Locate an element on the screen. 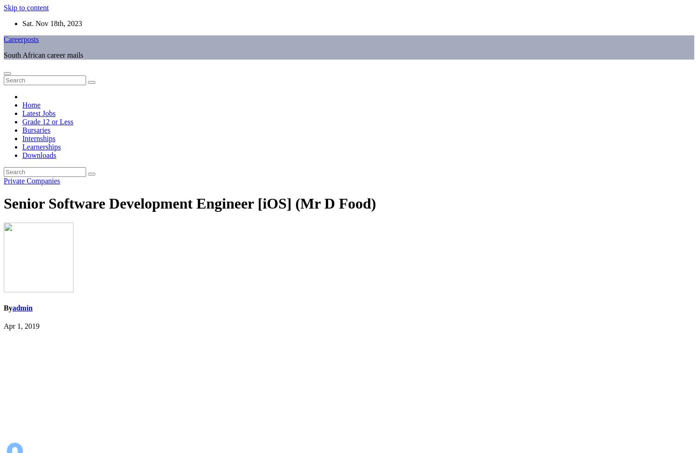  'South African career mails' is located at coordinates (43, 54).